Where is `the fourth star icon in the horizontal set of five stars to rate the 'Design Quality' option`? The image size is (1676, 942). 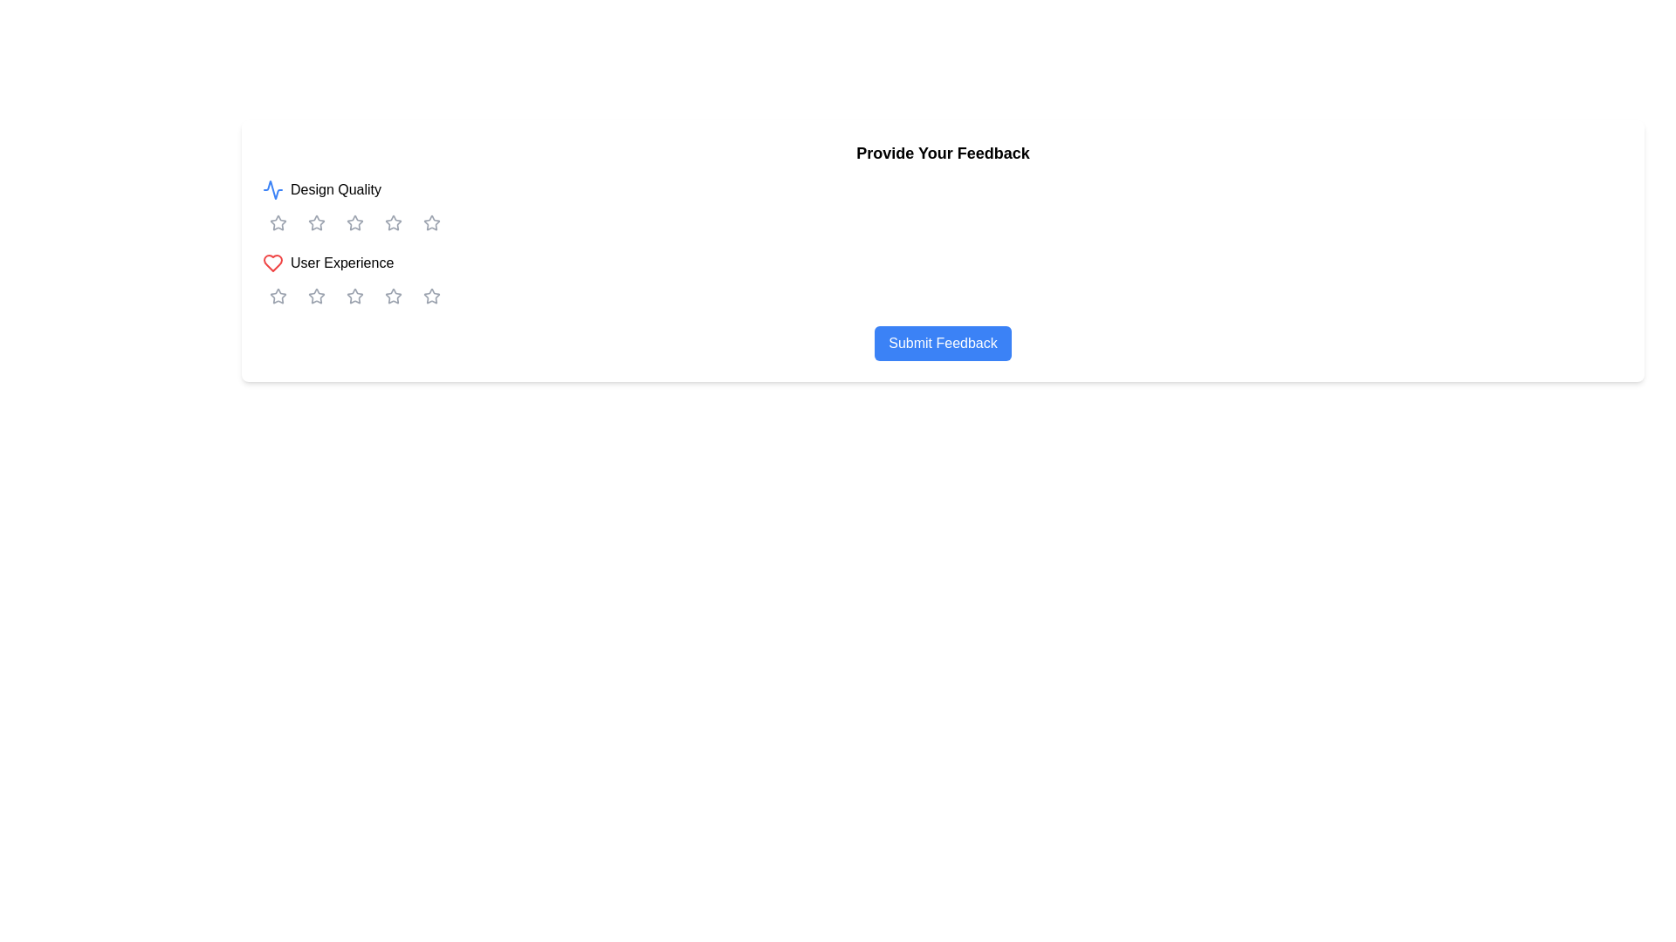
the fourth star icon in the horizontal set of five stars to rate the 'Design Quality' option is located at coordinates (393, 222).